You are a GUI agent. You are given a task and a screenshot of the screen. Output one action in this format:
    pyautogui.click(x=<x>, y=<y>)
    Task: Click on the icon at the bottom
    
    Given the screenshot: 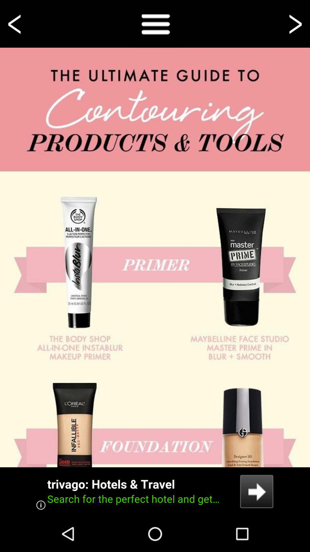 What is the action you would take?
    pyautogui.click(x=155, y=491)
    